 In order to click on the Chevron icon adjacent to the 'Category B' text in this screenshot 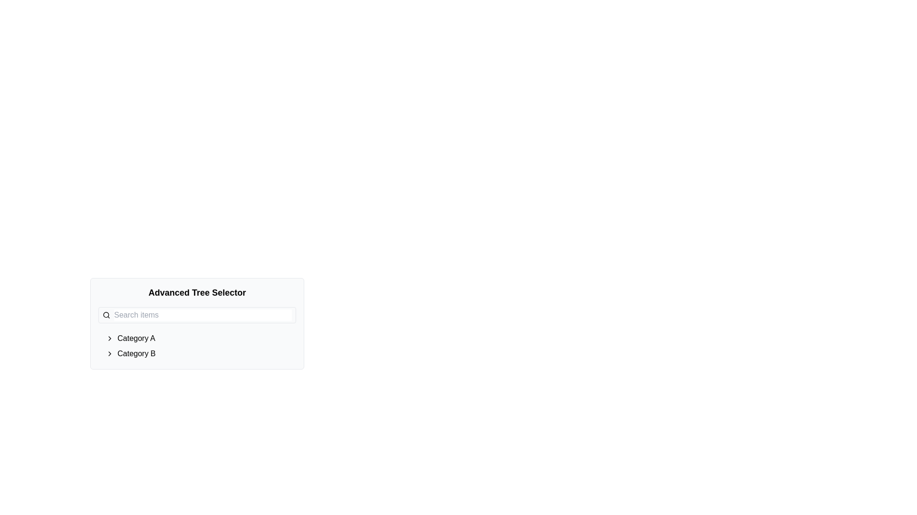, I will do `click(110, 353)`.